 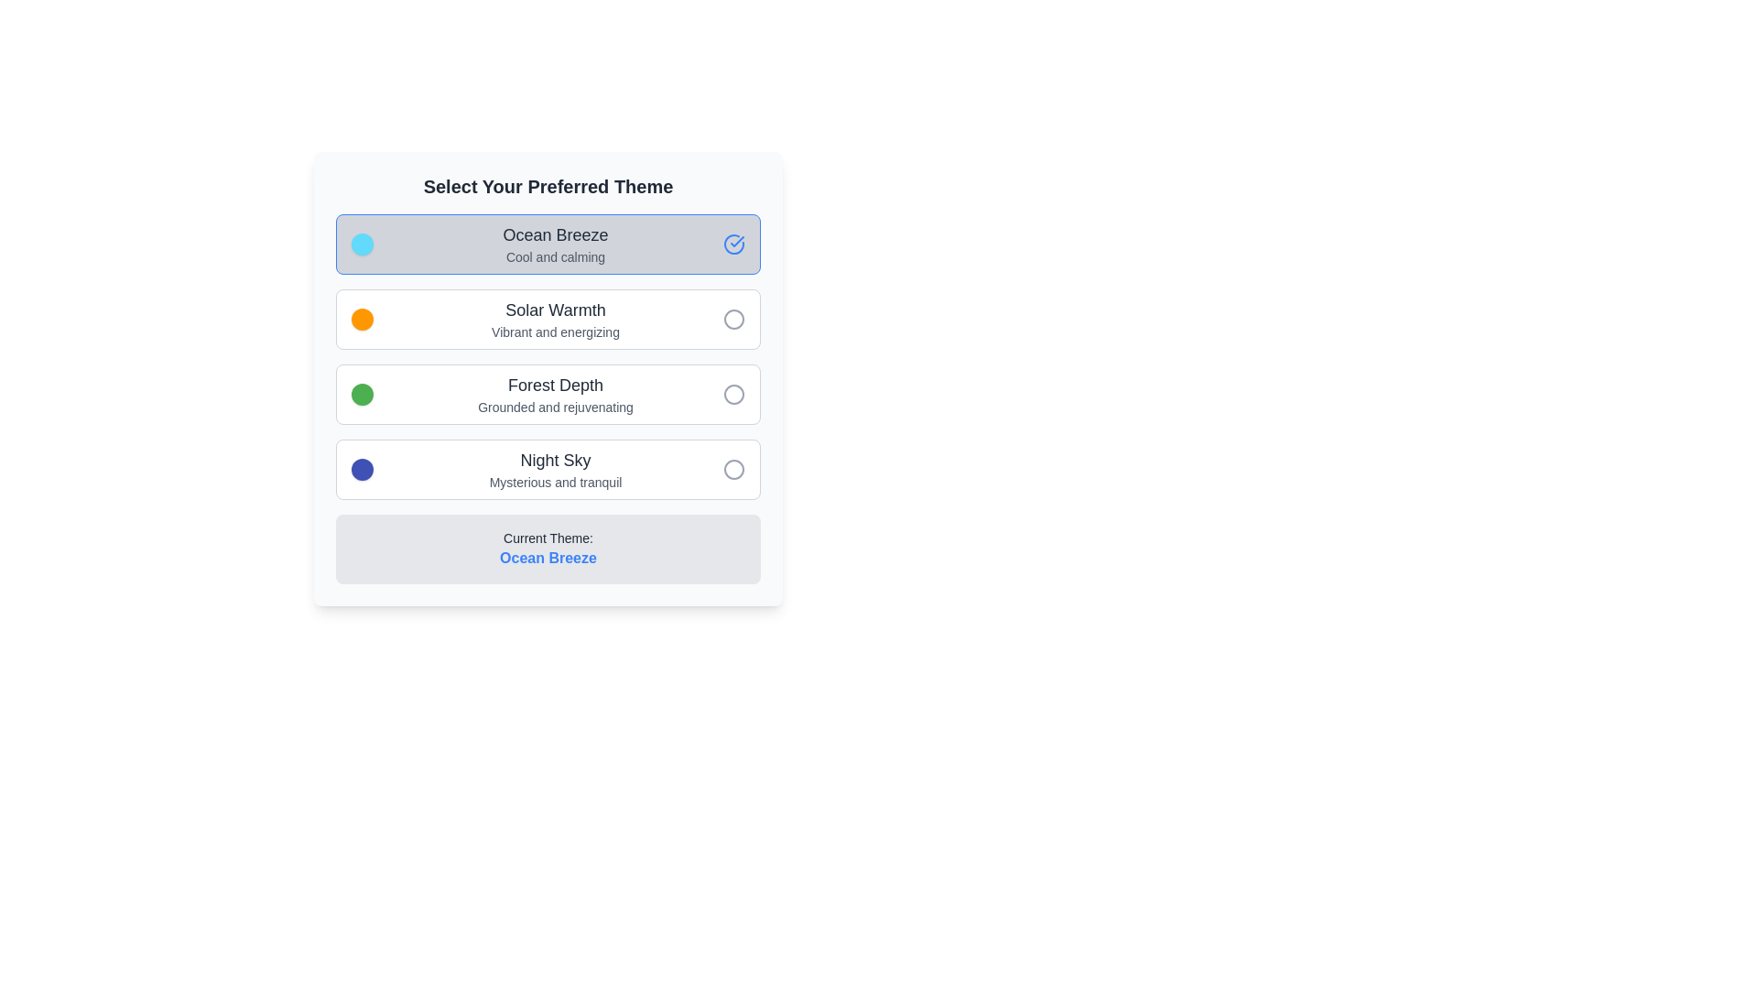 What do you see at coordinates (554, 482) in the screenshot?
I see `the descriptive Text label for the 'Night Sky' theme, which is located below the main title in the fourth list item of the theme selection dialog` at bounding box center [554, 482].